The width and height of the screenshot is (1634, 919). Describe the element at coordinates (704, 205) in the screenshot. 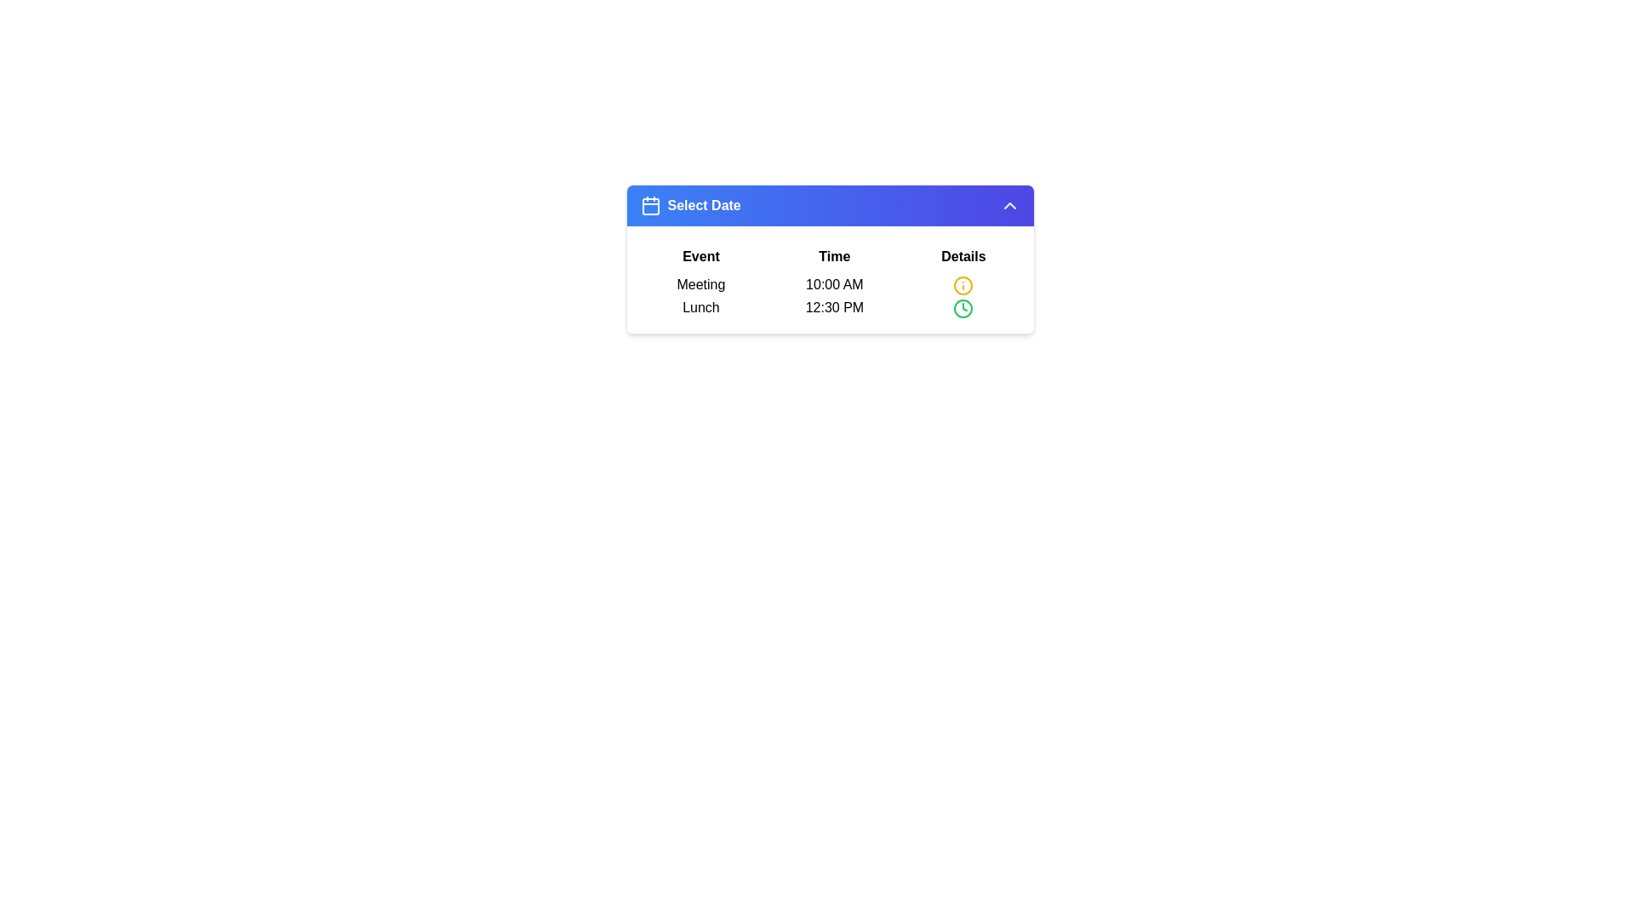

I see `the 'Select Date' text label, which is styled in bold font on a blue background, located within a card interface, positioned to the right of a calendar icon` at that location.